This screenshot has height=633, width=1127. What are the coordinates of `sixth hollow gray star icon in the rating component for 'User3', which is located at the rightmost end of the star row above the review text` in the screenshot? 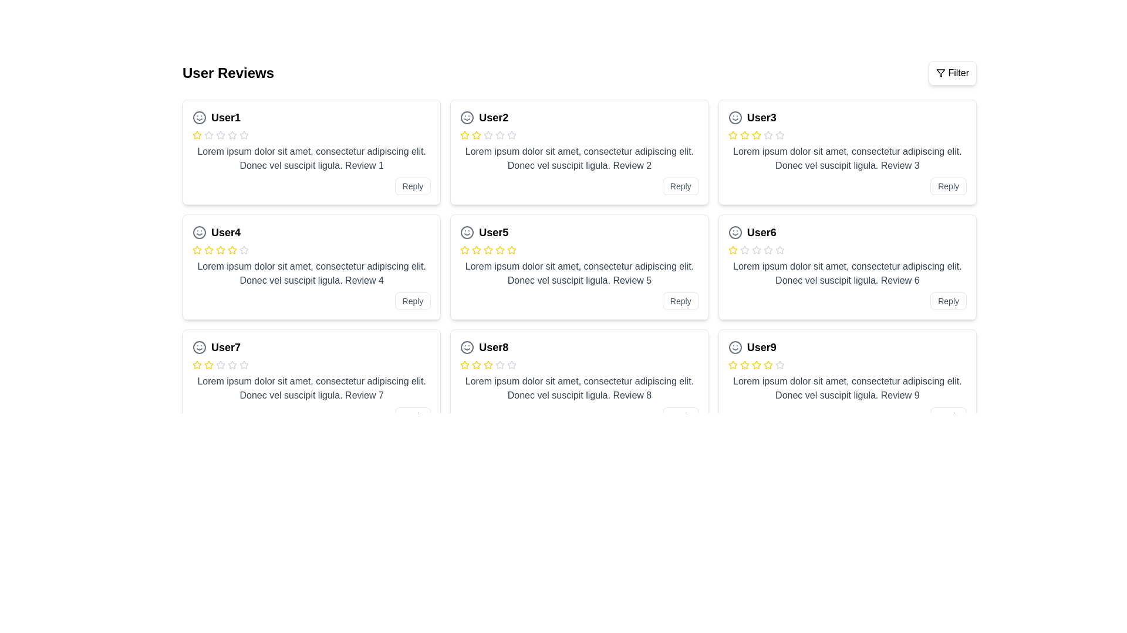 It's located at (780, 135).